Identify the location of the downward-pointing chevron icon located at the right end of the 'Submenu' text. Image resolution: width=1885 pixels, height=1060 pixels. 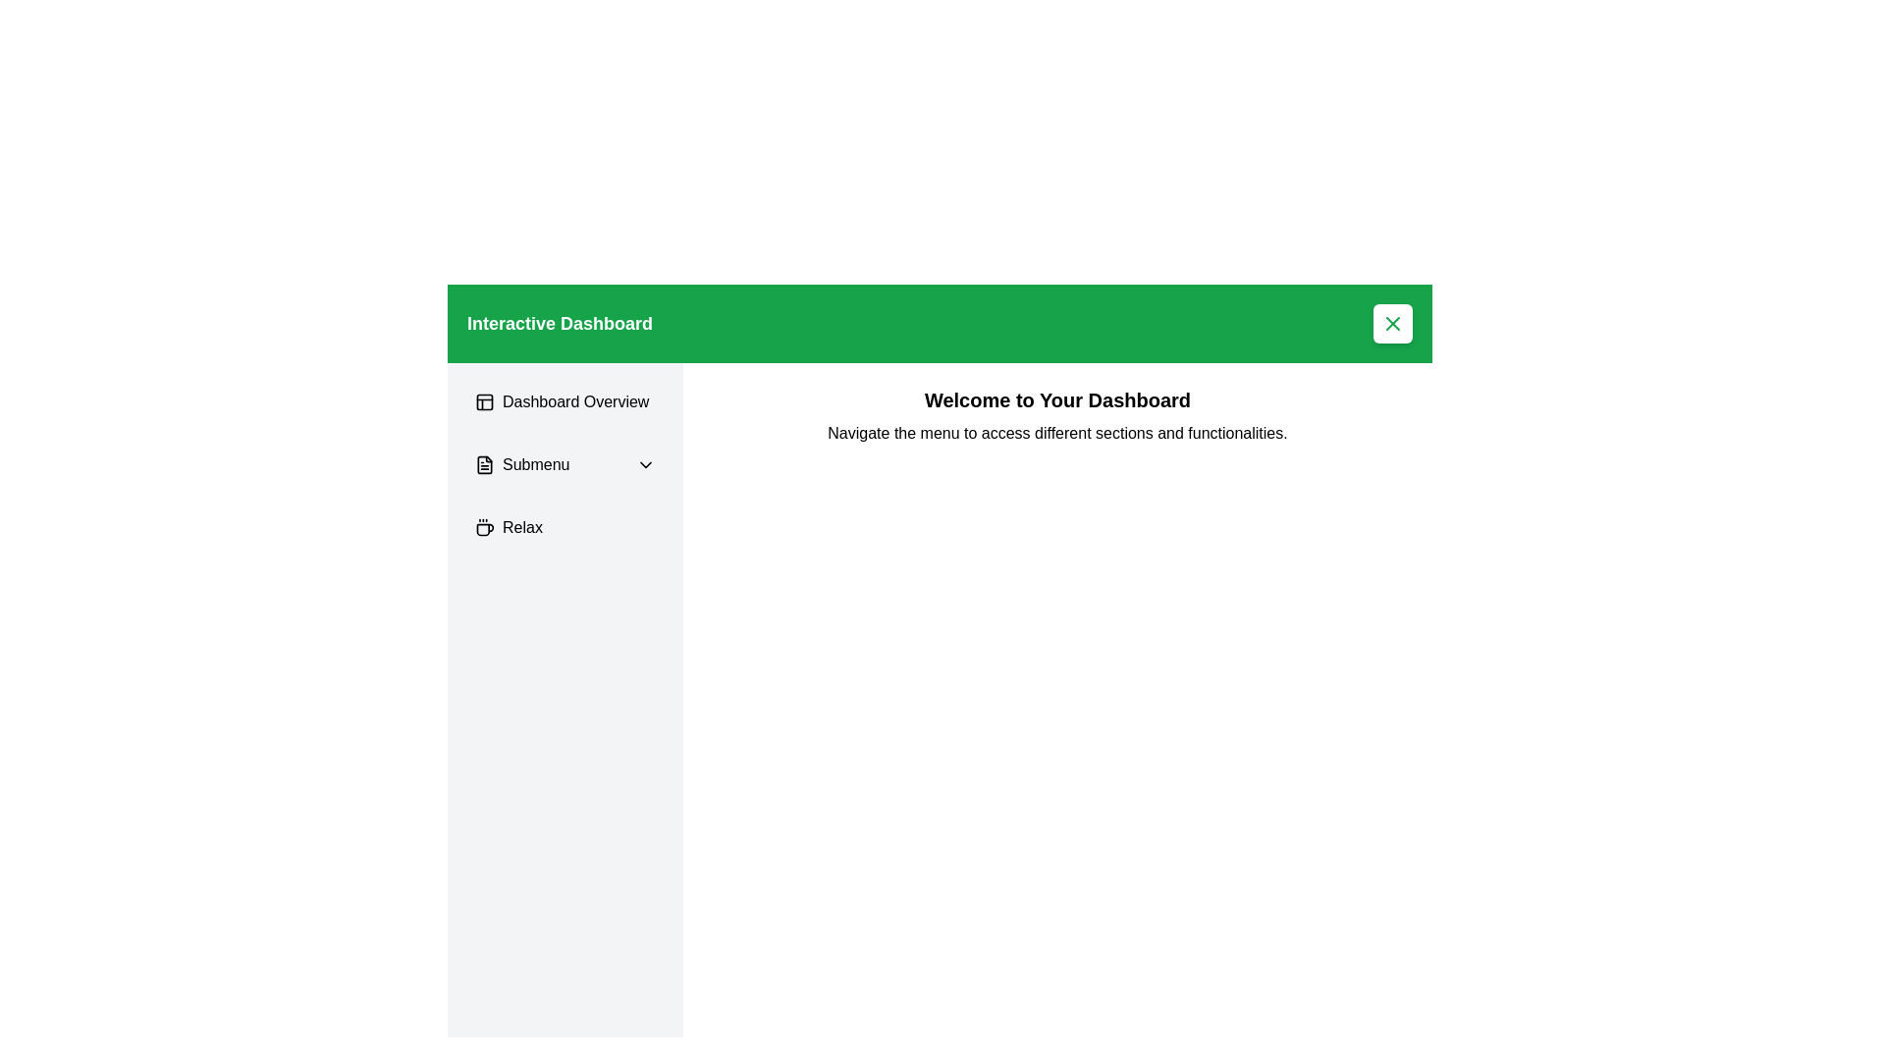
(645, 465).